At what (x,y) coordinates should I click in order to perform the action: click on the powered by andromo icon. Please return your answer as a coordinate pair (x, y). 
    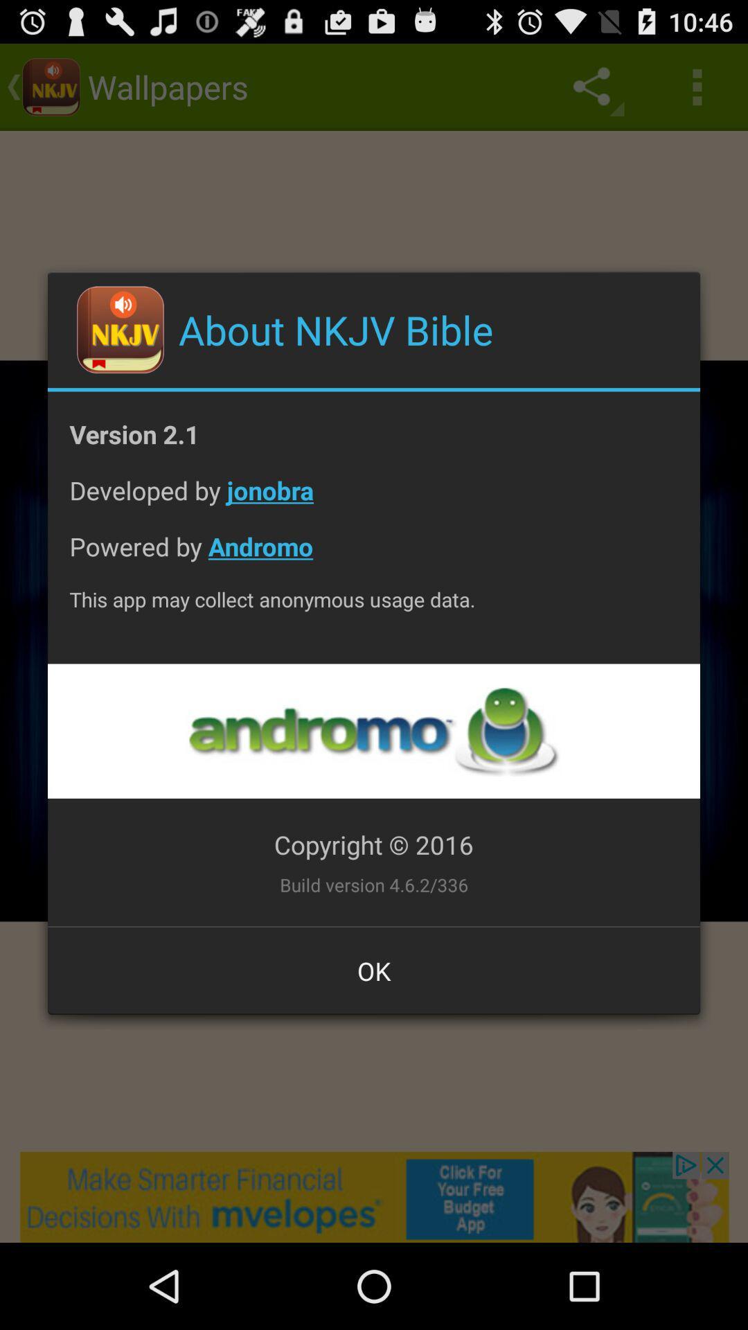
    Looking at the image, I should click on (374, 557).